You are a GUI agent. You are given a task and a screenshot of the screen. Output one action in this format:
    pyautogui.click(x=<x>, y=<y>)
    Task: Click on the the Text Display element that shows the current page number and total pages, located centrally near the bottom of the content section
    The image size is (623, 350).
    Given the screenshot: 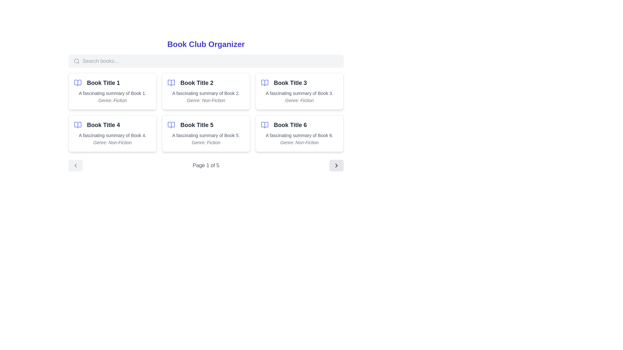 What is the action you would take?
    pyautogui.click(x=205, y=165)
    